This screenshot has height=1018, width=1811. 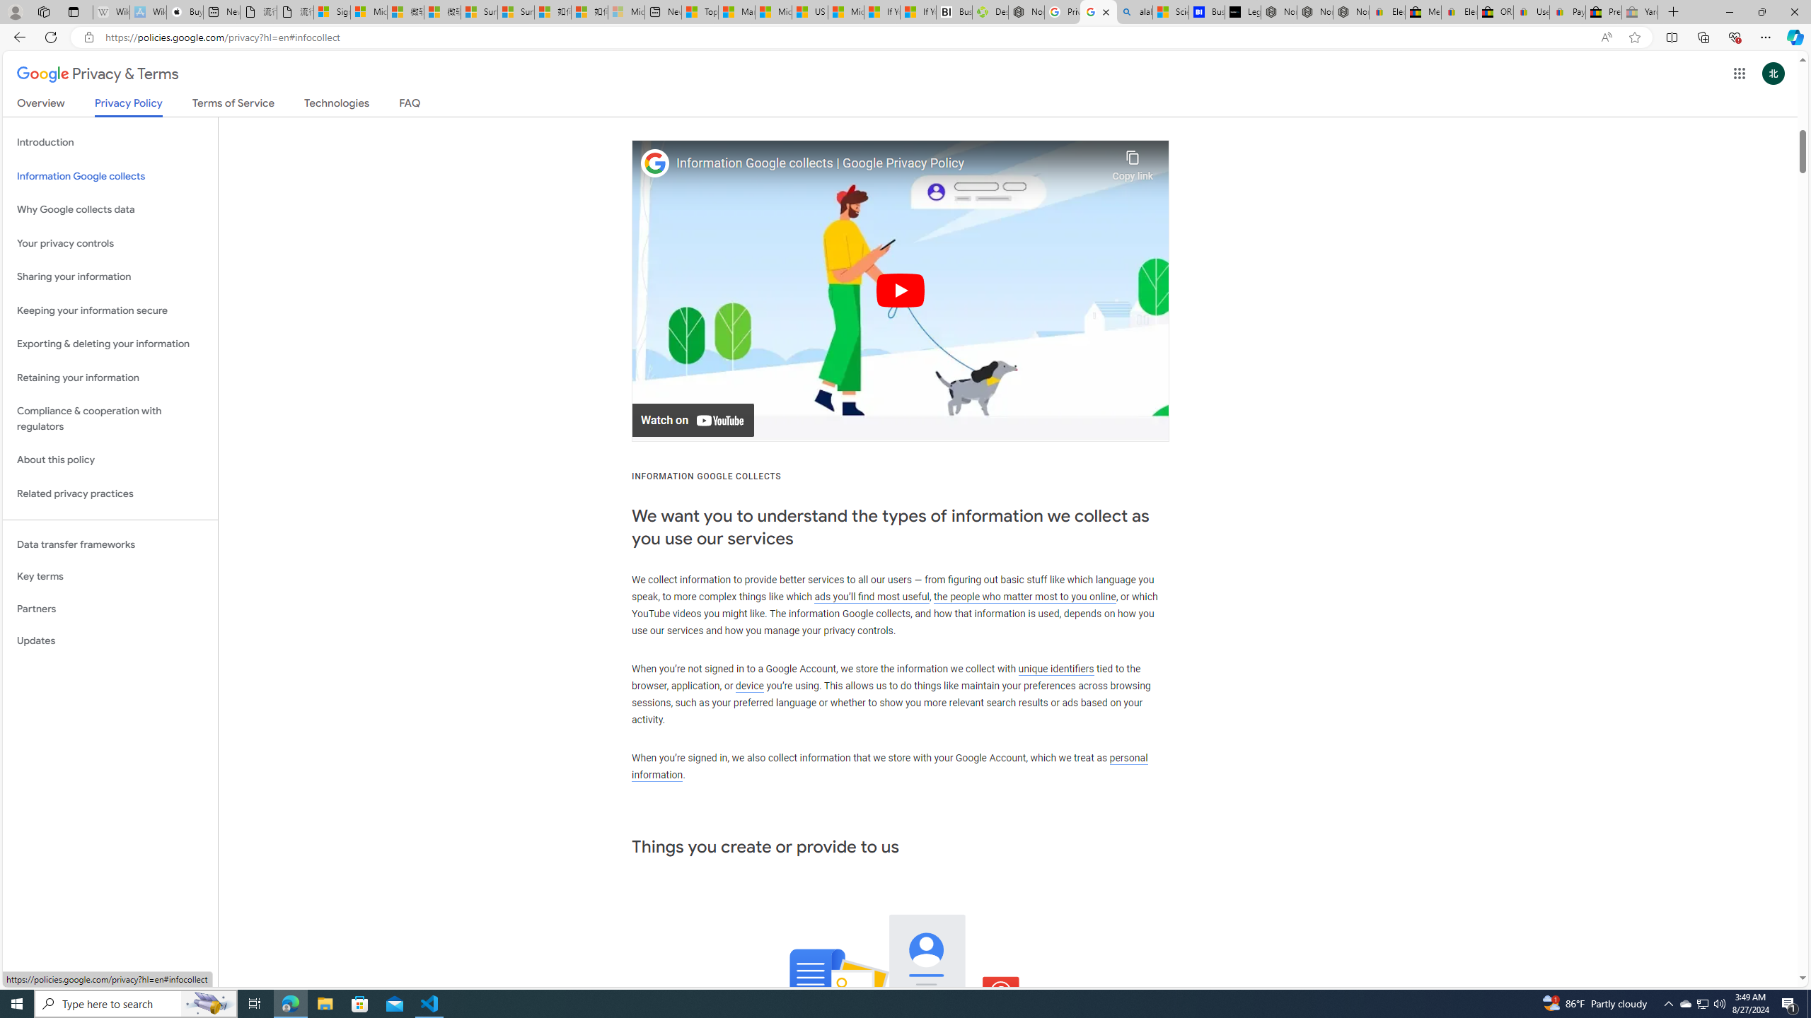 I want to click on 'Marine life - MSN', so click(x=735, y=11).